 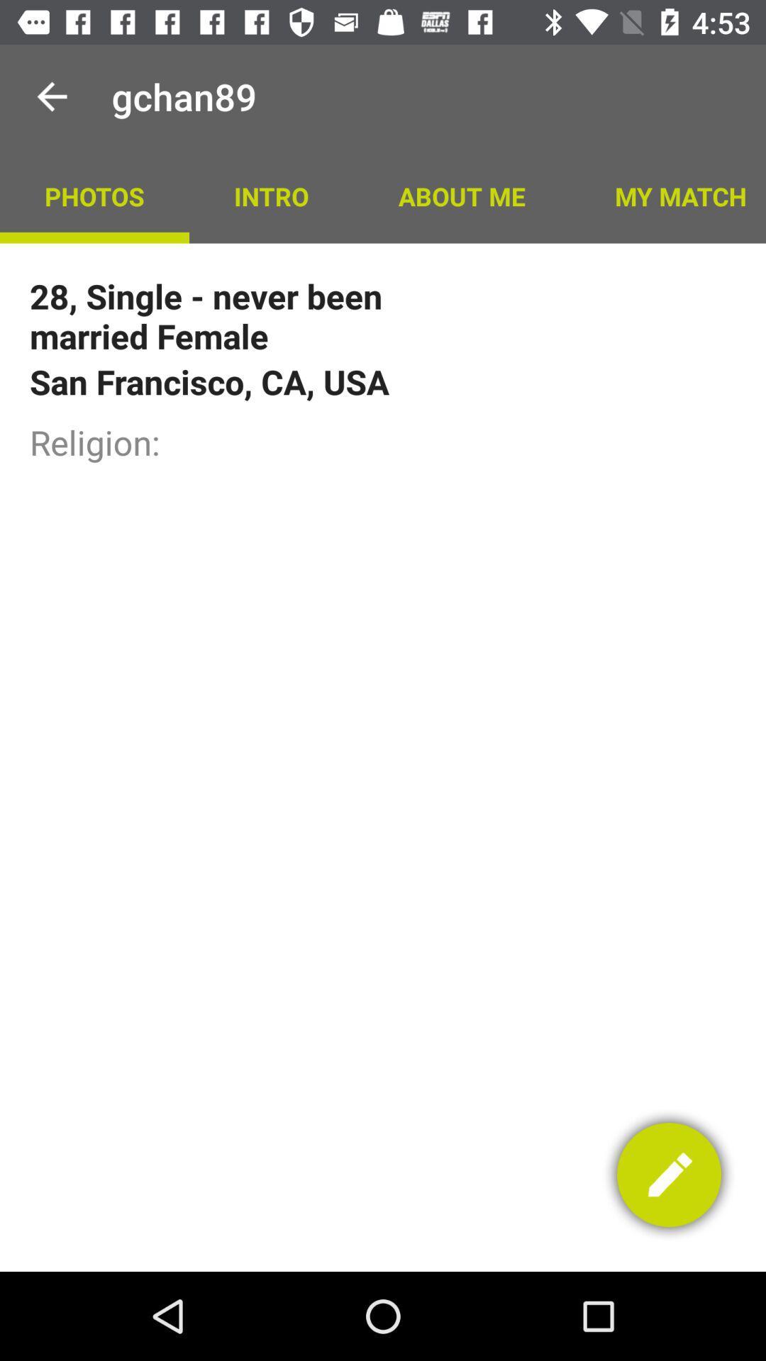 What do you see at coordinates (667, 195) in the screenshot?
I see `the app next to about me` at bounding box center [667, 195].